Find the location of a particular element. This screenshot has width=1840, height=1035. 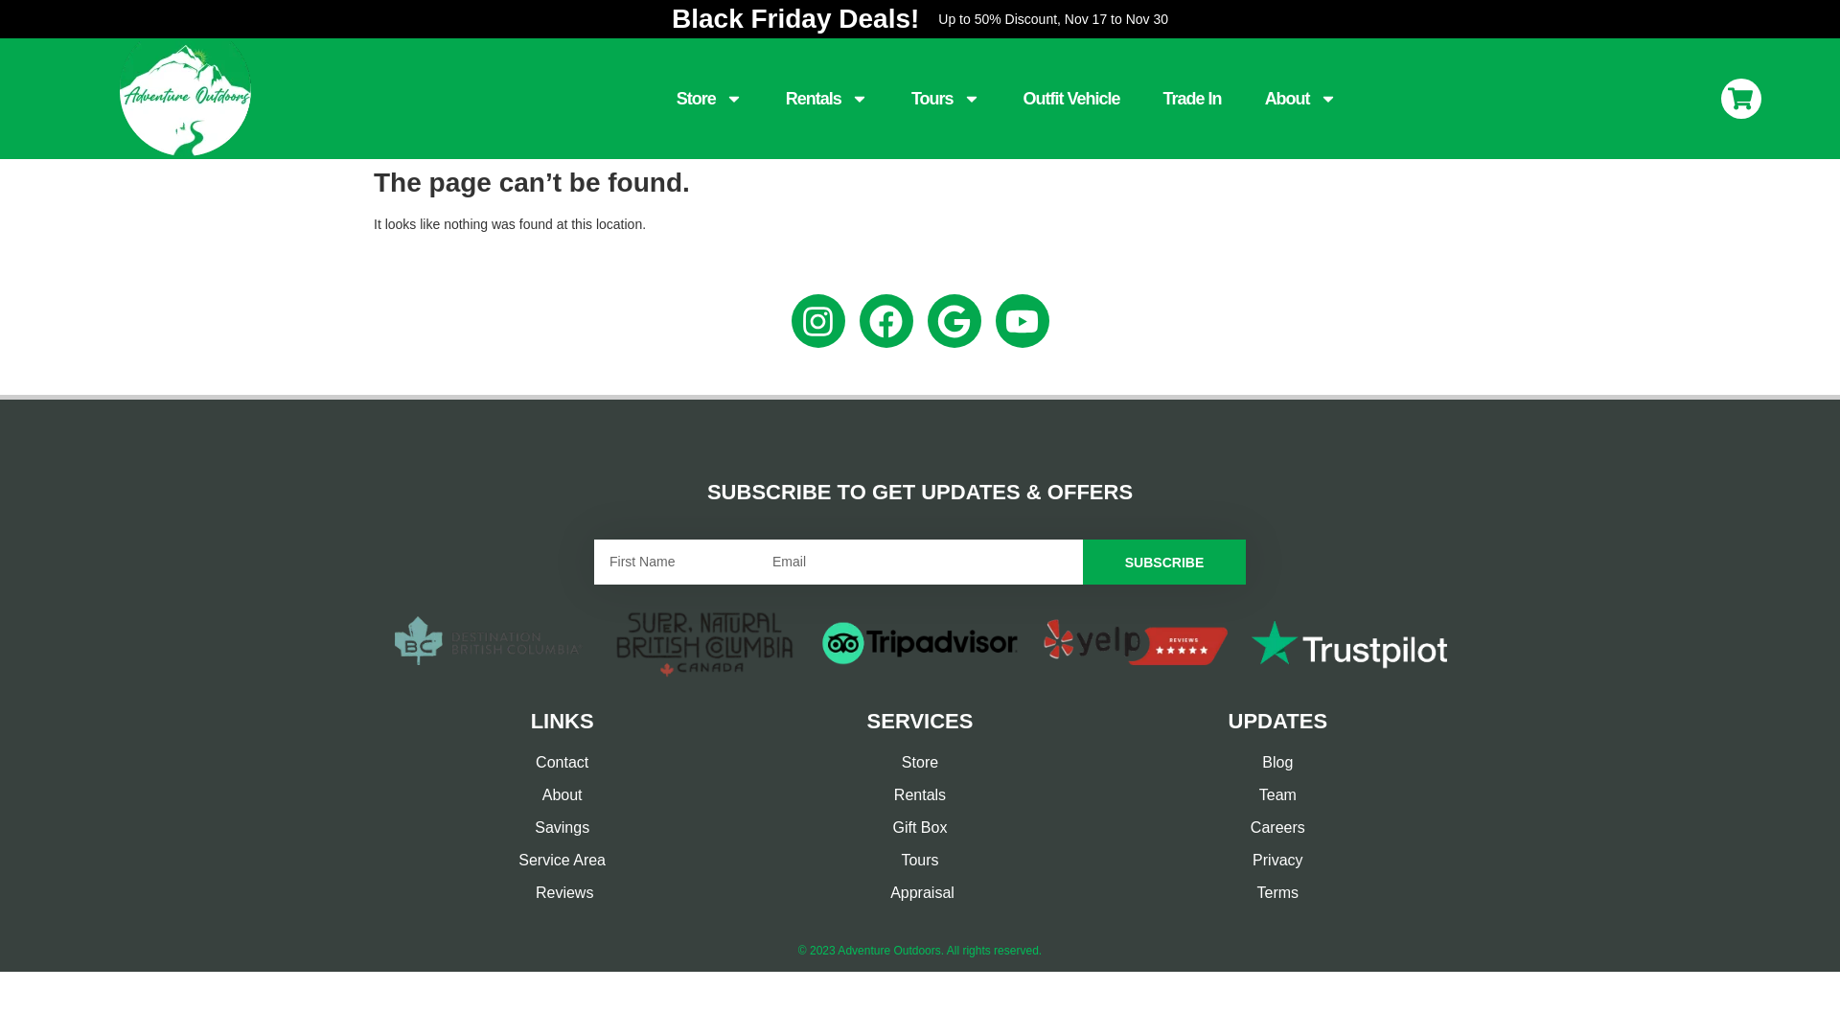

'Privacy' is located at coordinates (1277, 860).